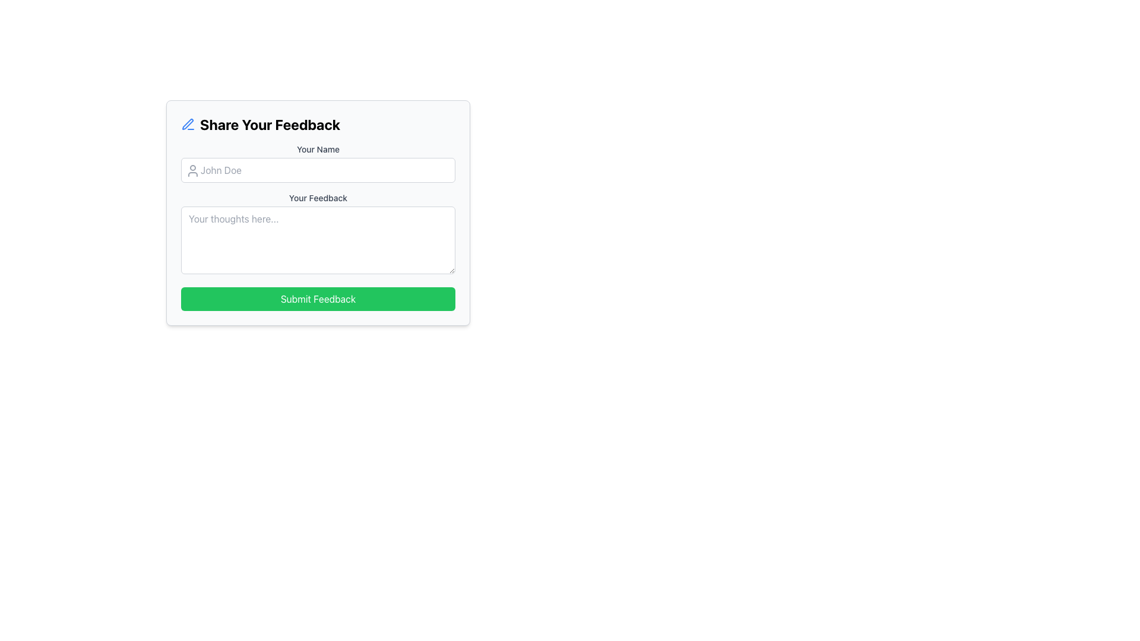 Image resolution: width=1140 pixels, height=641 pixels. What do you see at coordinates (193, 171) in the screenshot?
I see `the icon located to the immediate left of the input field labeled 'Your Name', which visually indicates the purpose of the adjacent input field` at bounding box center [193, 171].